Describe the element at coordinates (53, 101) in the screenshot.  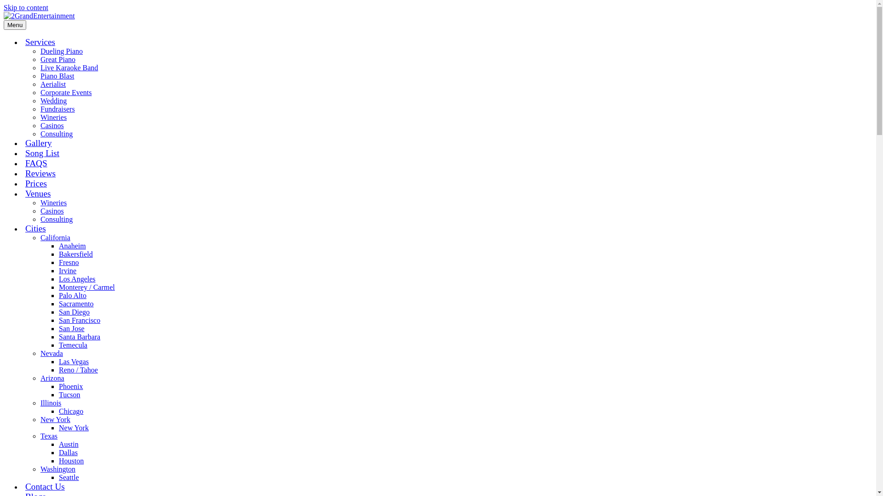
I see `'Wedding'` at that location.